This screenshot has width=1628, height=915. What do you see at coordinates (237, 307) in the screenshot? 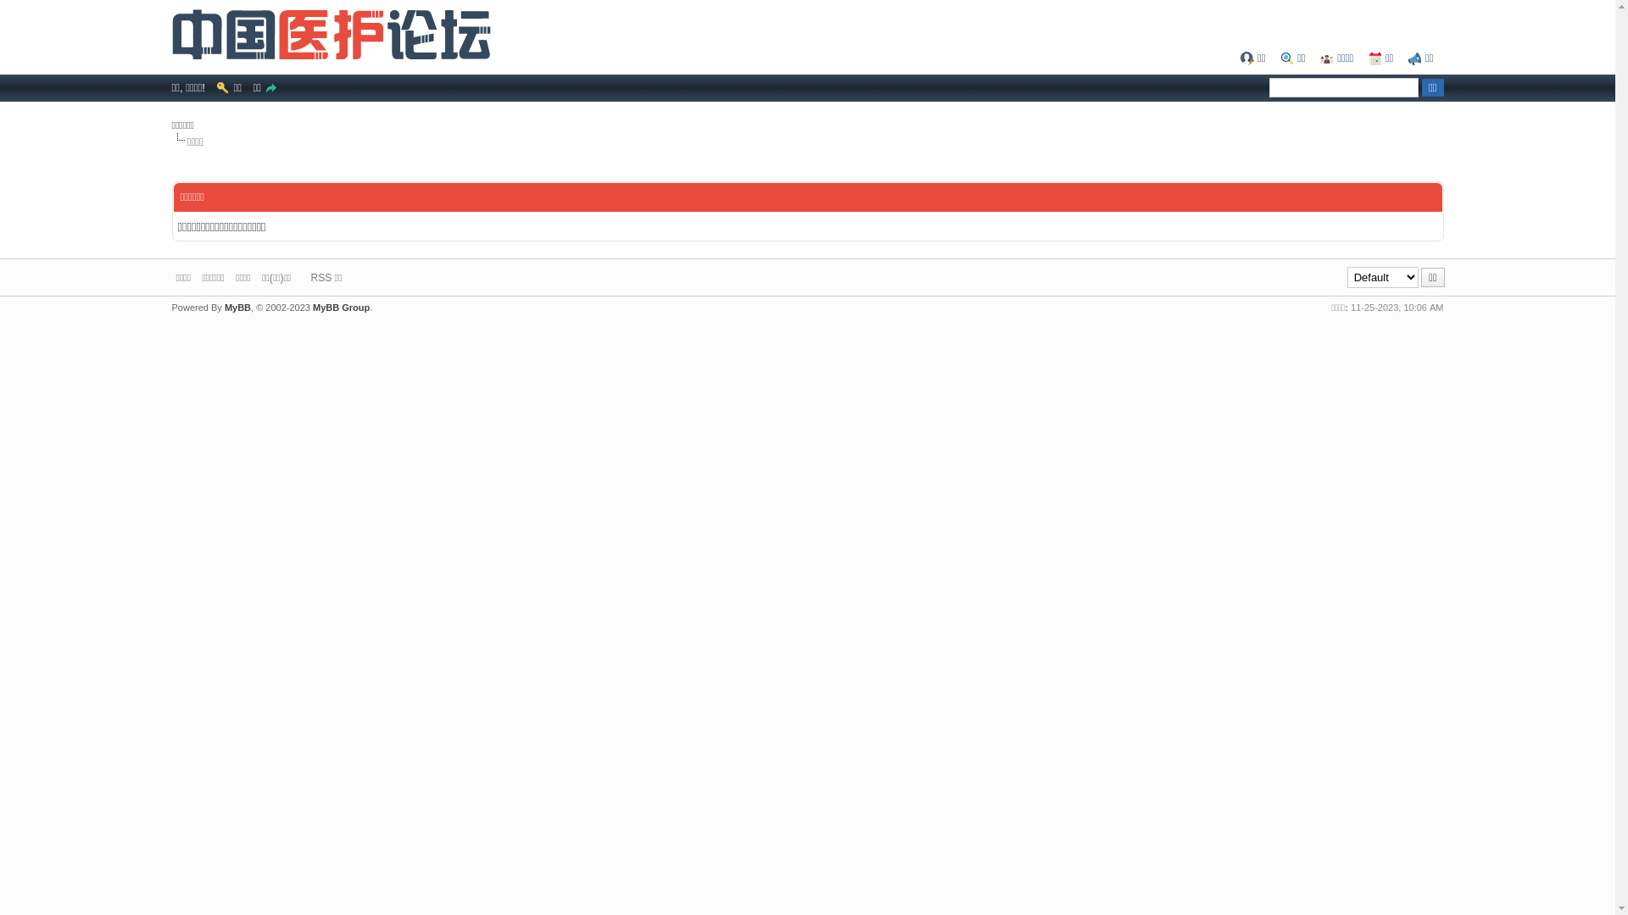
I see `'MyBB'` at bounding box center [237, 307].